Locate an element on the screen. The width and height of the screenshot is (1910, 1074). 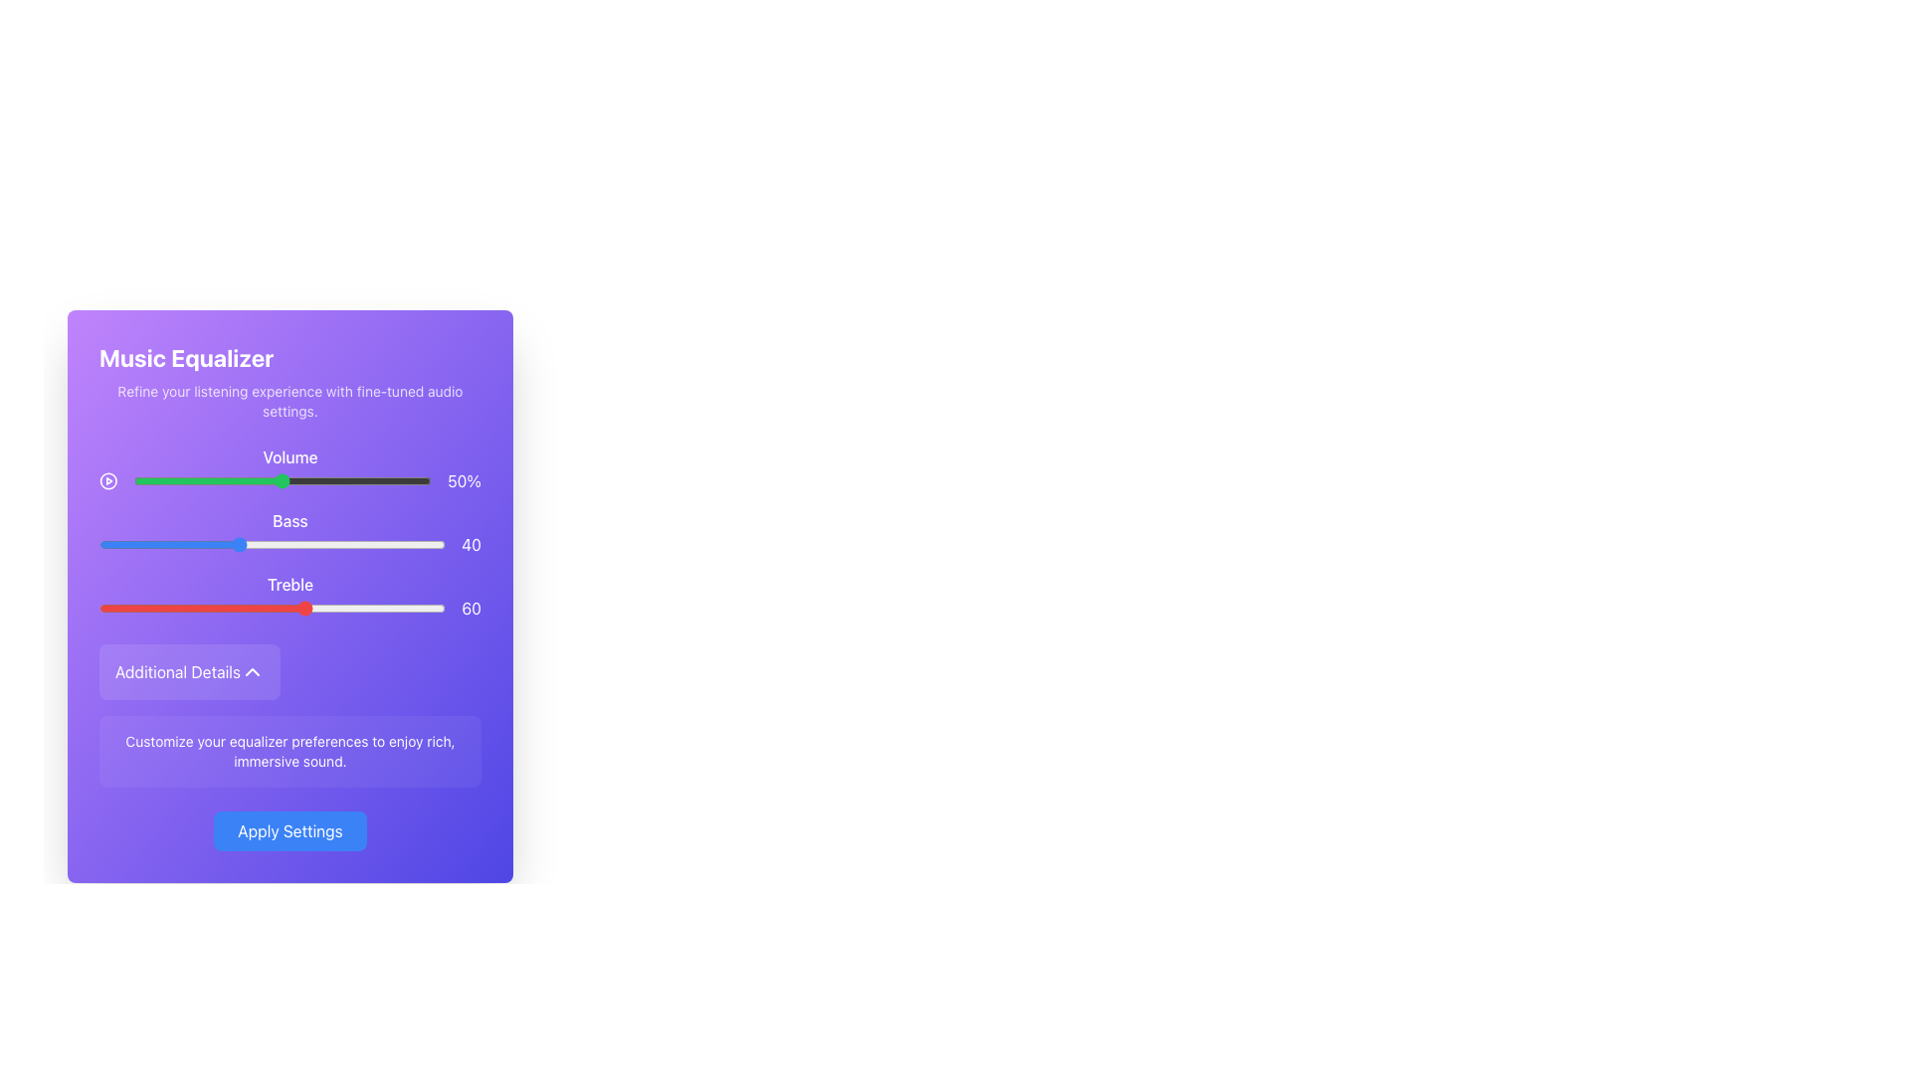
the treble is located at coordinates (171, 608).